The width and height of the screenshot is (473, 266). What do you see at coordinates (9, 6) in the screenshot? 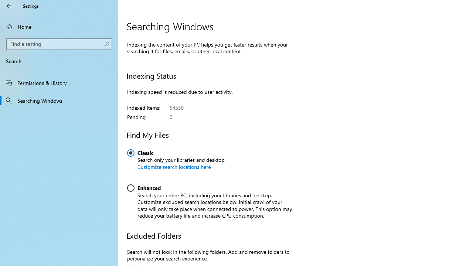
I see `'Back'` at bounding box center [9, 6].